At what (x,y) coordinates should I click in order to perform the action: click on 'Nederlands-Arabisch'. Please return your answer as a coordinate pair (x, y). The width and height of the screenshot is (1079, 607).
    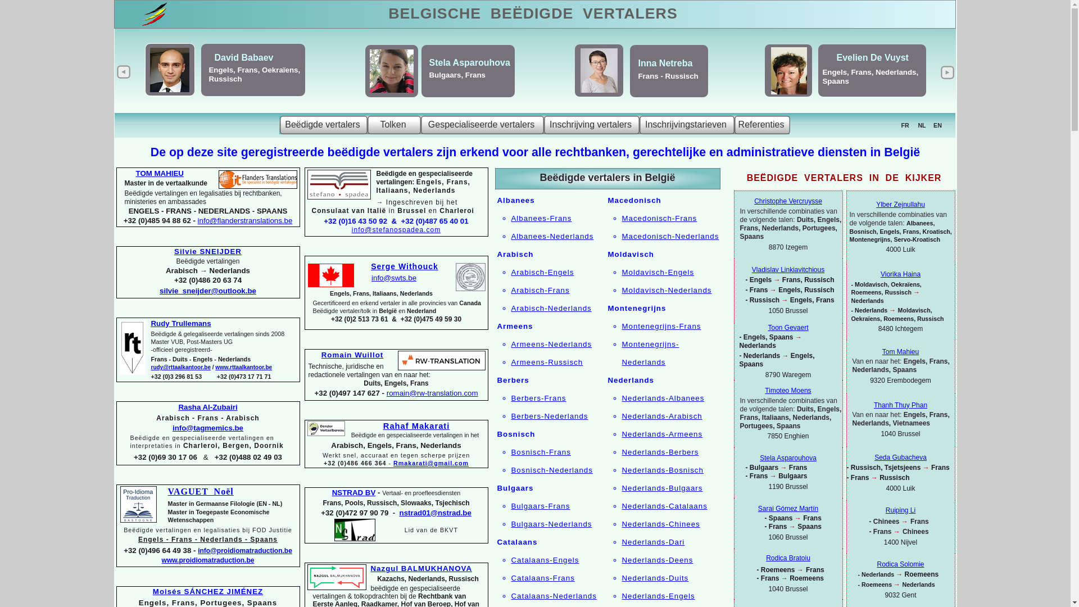
    Looking at the image, I should click on (661, 416).